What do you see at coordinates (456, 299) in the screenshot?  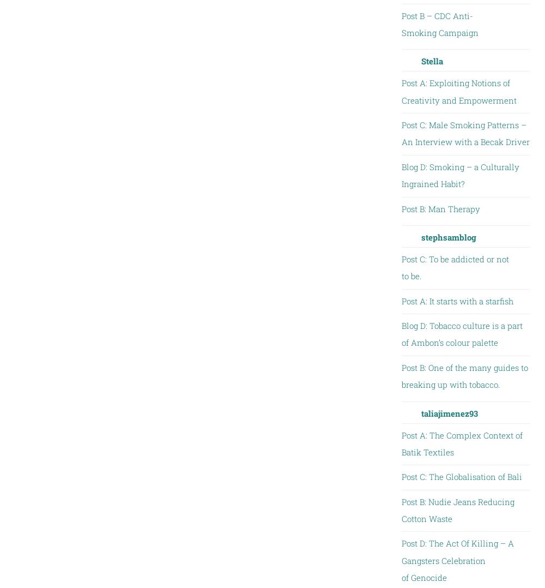 I see `'Post A: It starts with a starfish'` at bounding box center [456, 299].